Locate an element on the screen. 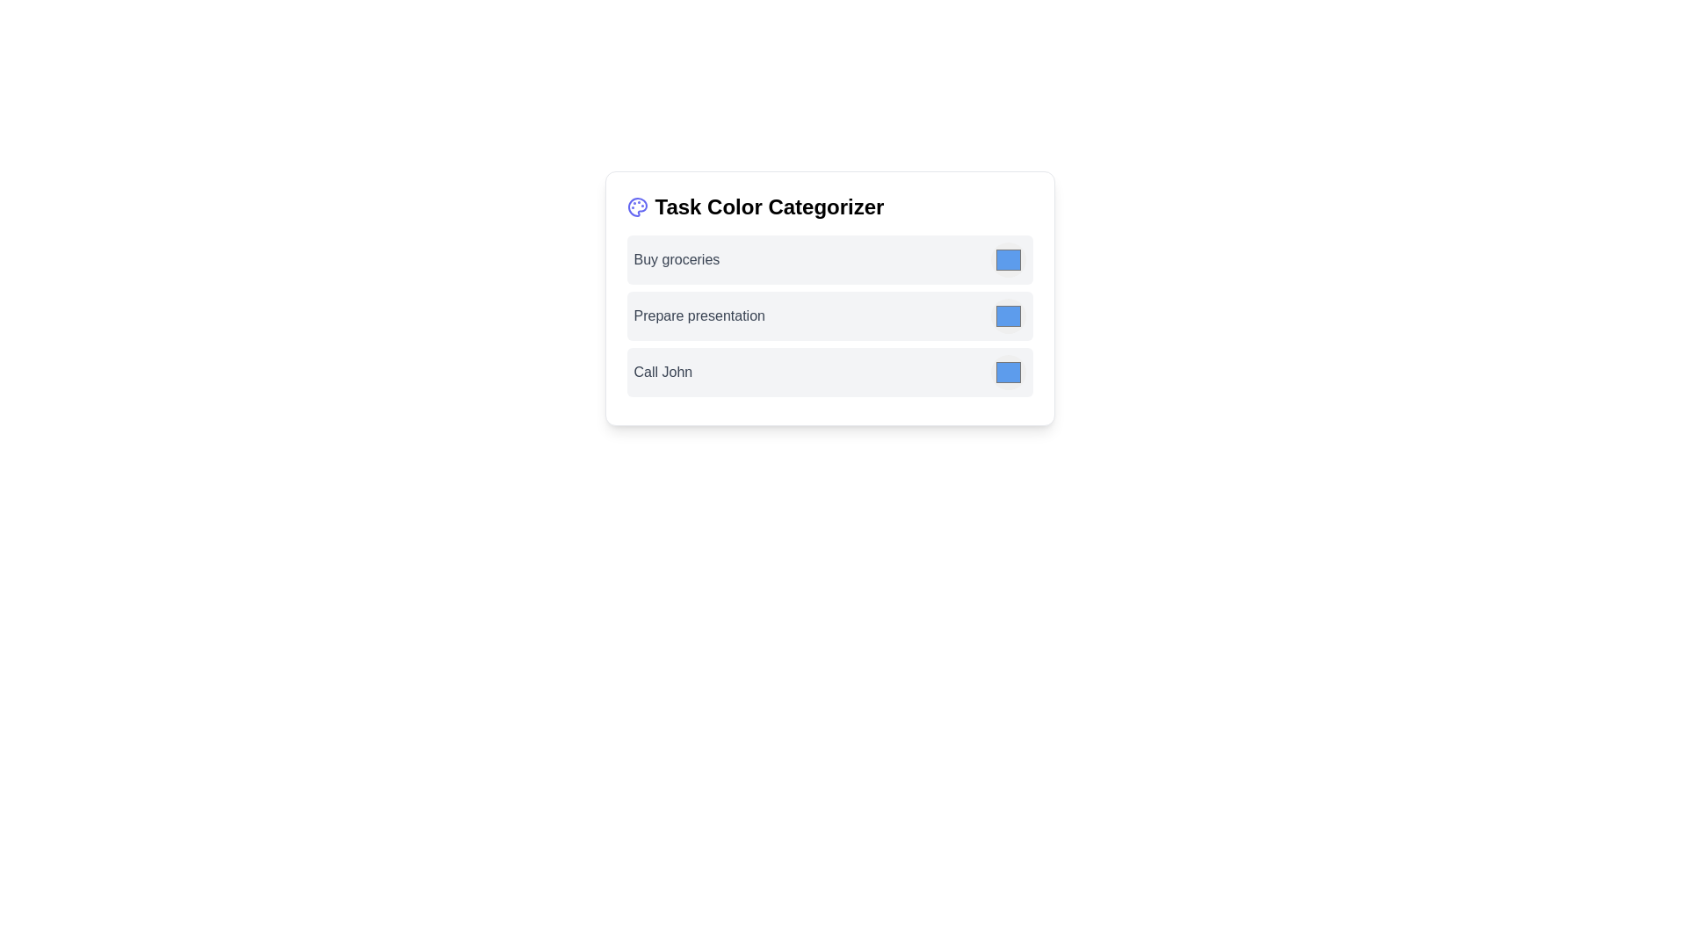 The height and width of the screenshot is (949, 1687). the Color selection button for the 'Buy groceries' task is located at coordinates (1008, 260).